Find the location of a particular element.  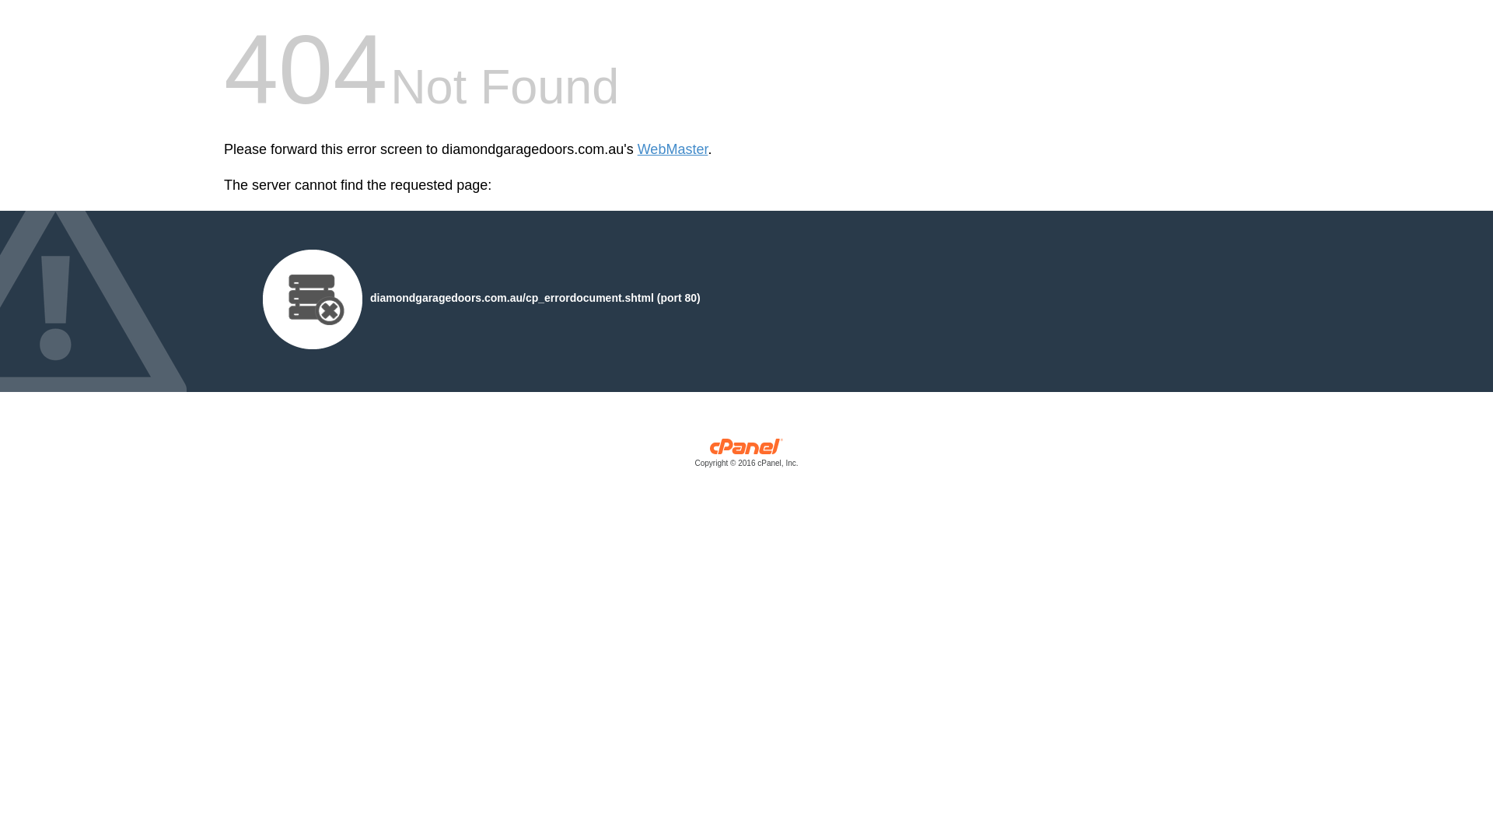

'WebMaster' is located at coordinates (673, 149).